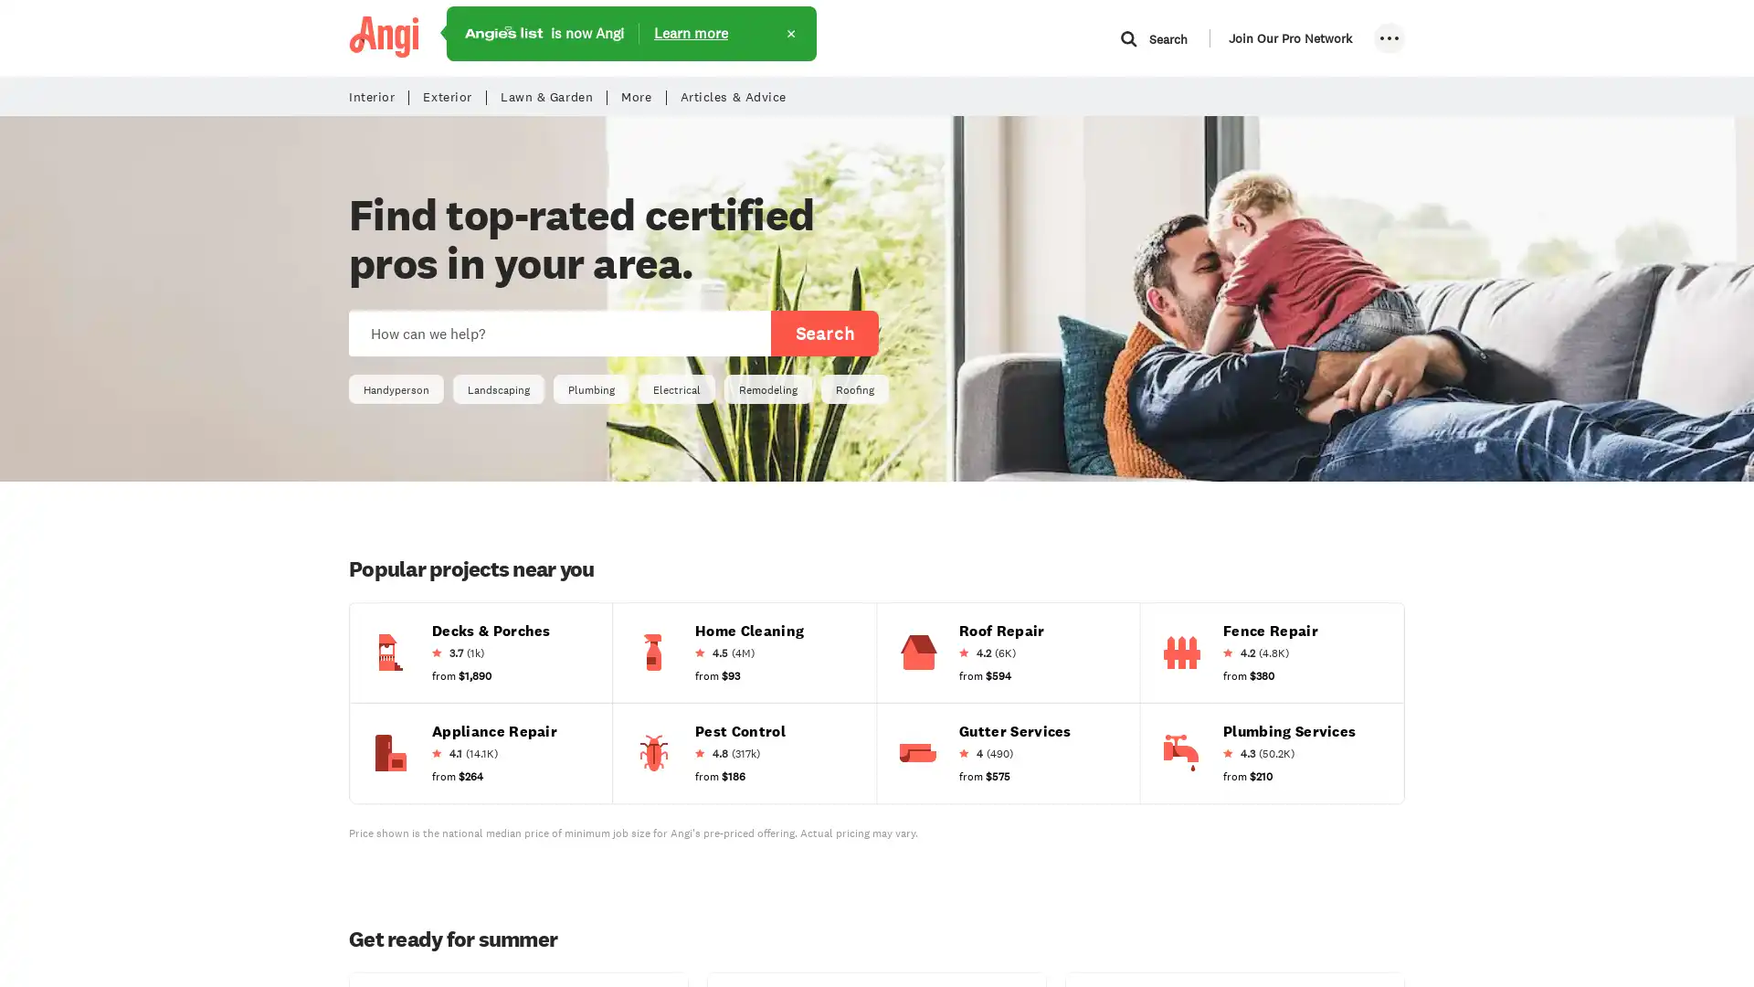 Image resolution: width=1754 pixels, height=987 pixels. I want to click on Submit a request for Maid Service., so click(749, 622).